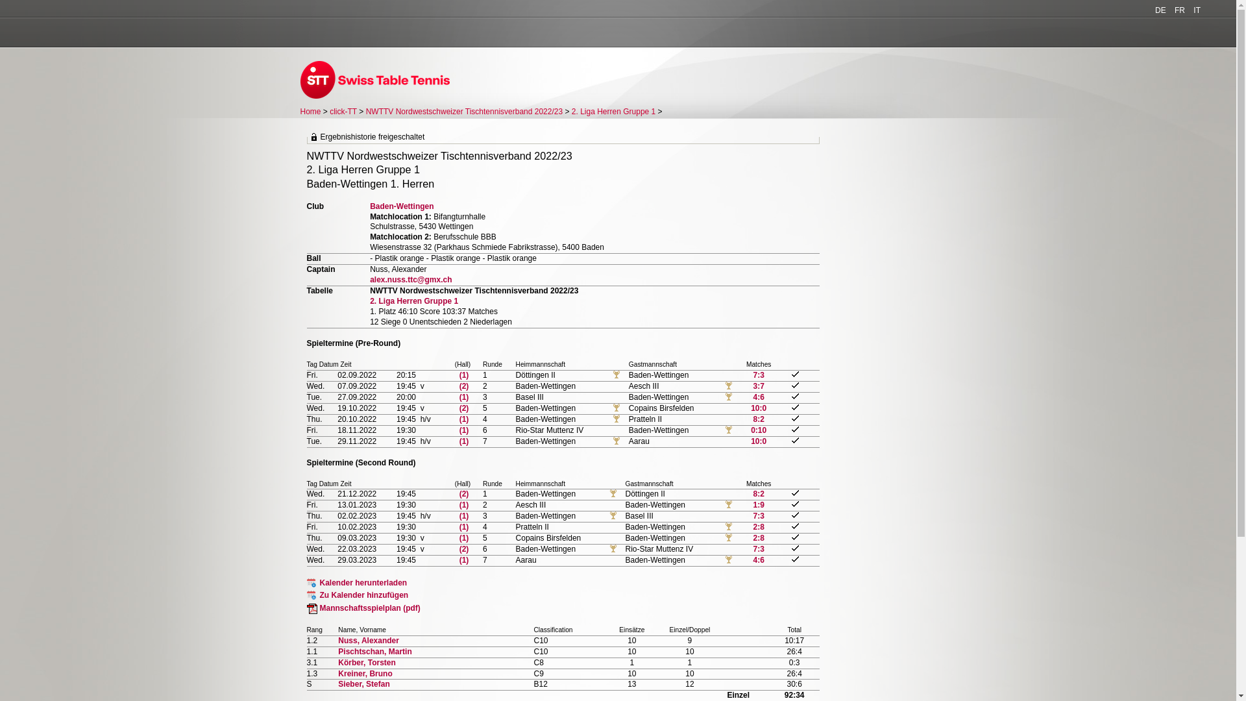  What do you see at coordinates (729, 430) in the screenshot?
I see `'Victory'` at bounding box center [729, 430].